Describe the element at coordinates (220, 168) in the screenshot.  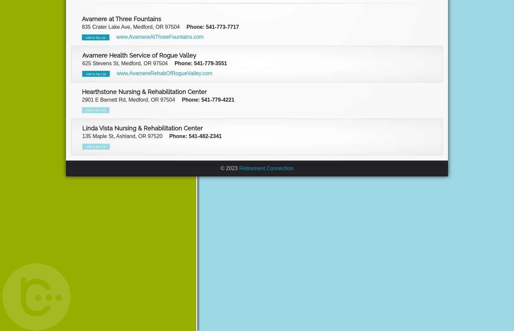
I see `'© 2023'` at that location.